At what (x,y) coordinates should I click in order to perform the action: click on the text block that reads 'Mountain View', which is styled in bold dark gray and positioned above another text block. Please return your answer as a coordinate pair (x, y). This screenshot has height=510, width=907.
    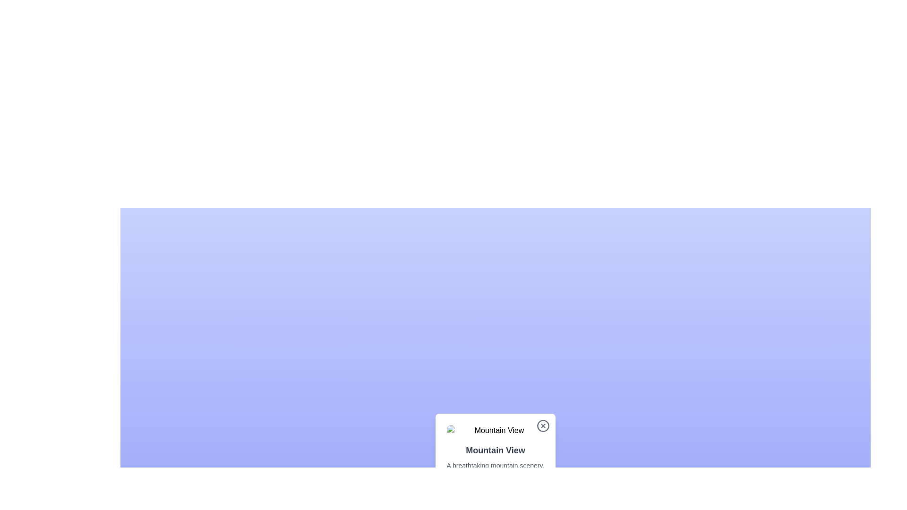
    Looking at the image, I should click on (495, 450).